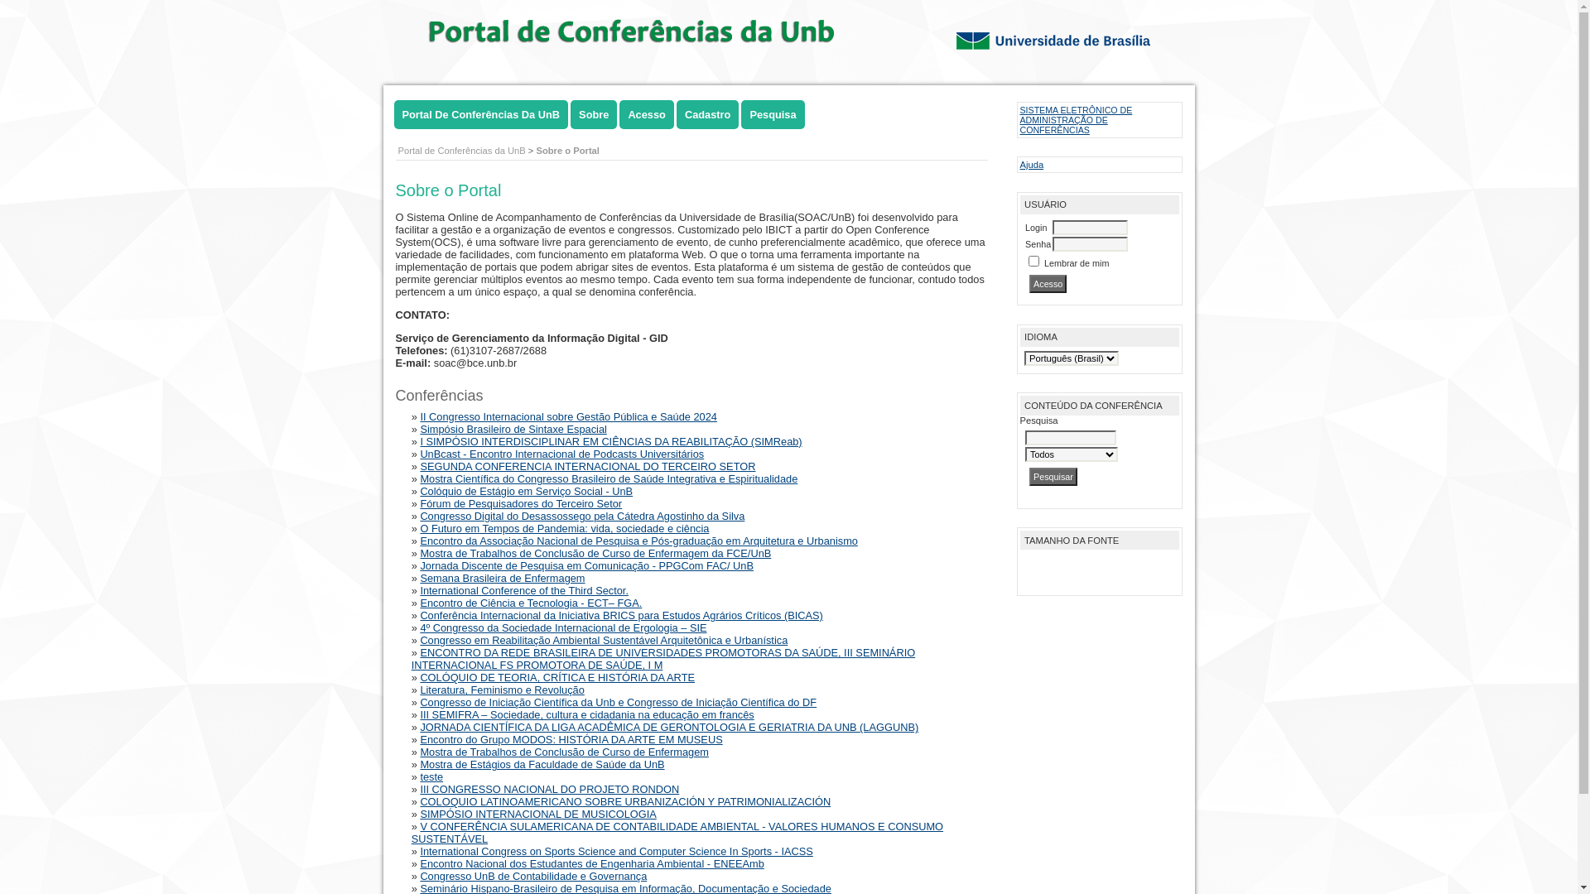 The height and width of the screenshot is (894, 1590). I want to click on 'International Conference of the Third Sector.', so click(523, 589).